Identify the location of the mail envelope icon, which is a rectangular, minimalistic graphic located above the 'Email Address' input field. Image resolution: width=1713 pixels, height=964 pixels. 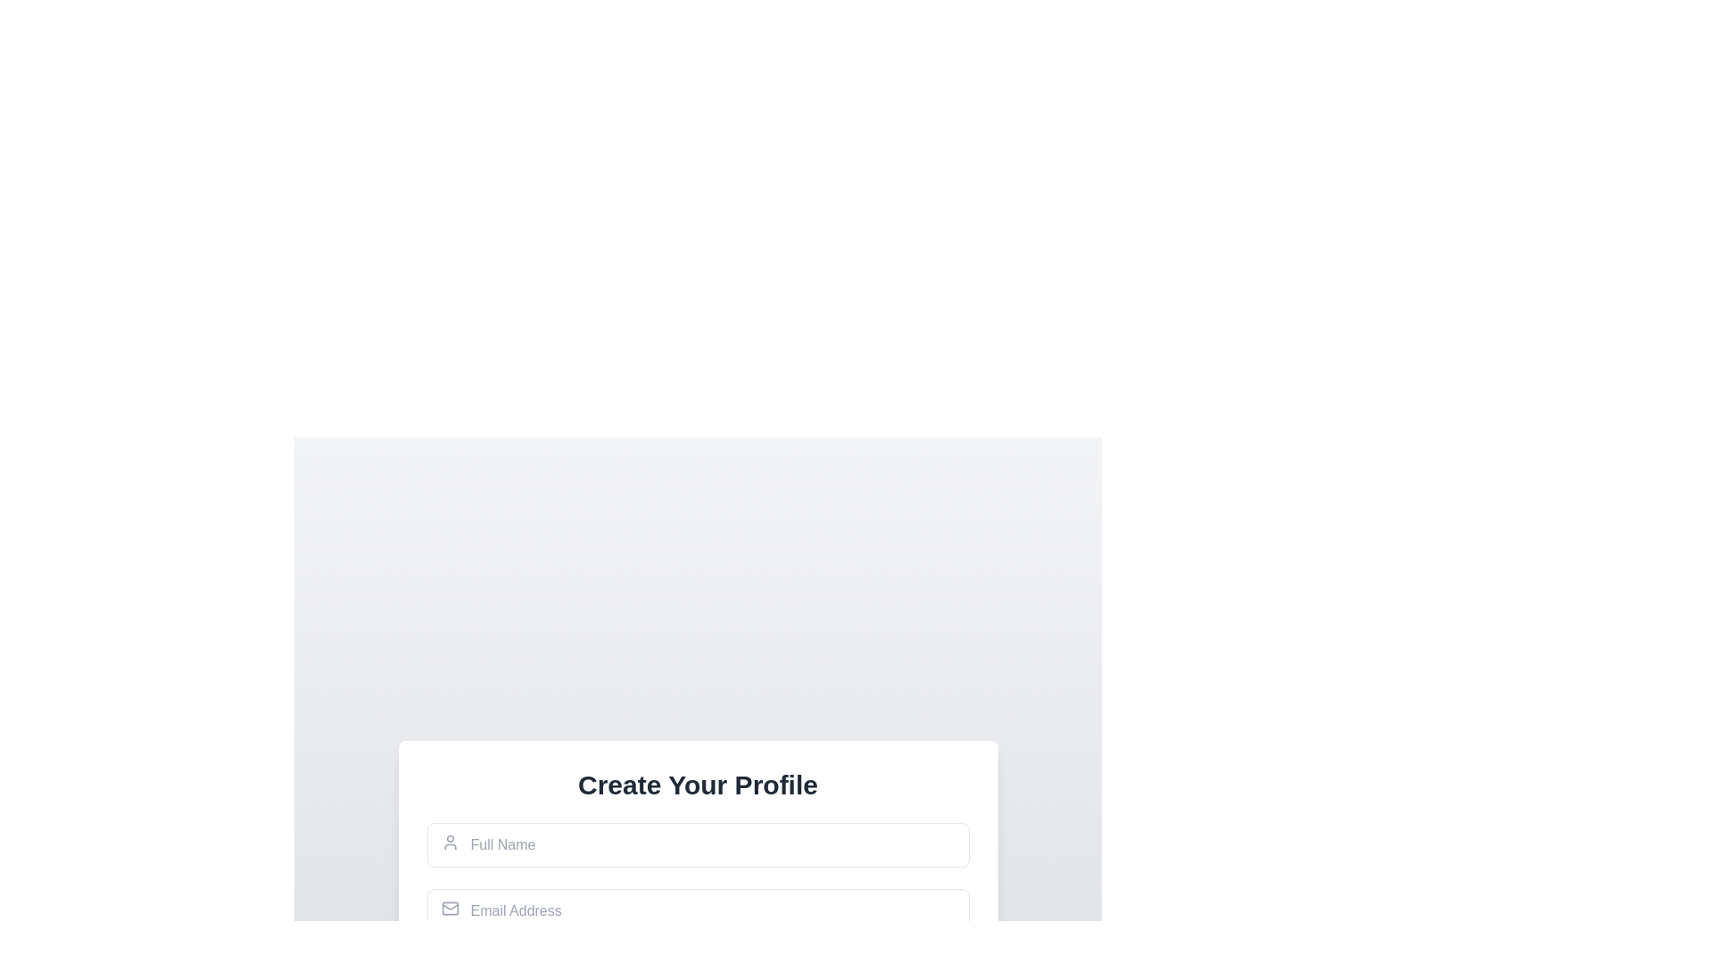
(450, 909).